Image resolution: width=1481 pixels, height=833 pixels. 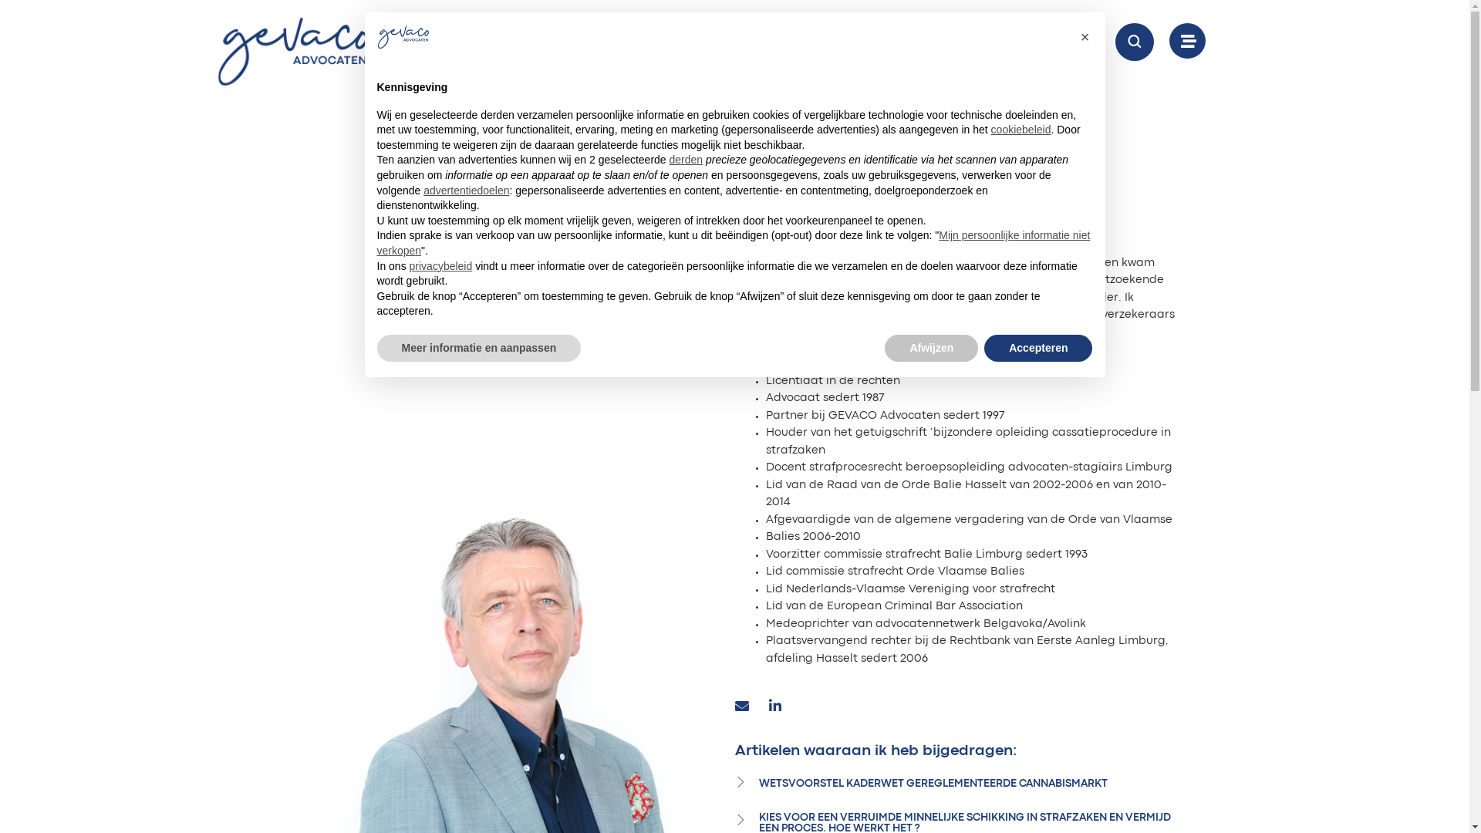 I want to click on 'derden', so click(x=685, y=160).